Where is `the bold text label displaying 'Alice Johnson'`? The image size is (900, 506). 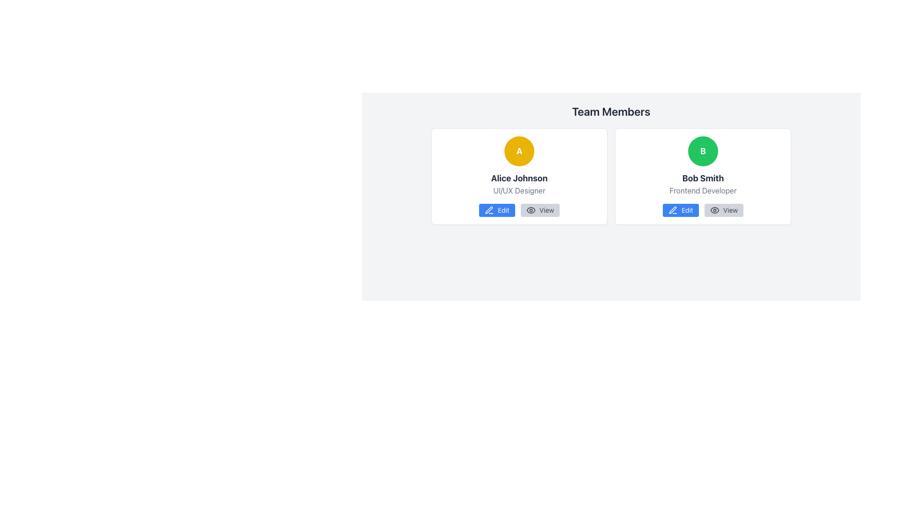 the bold text label displaying 'Alice Johnson' is located at coordinates (519, 179).